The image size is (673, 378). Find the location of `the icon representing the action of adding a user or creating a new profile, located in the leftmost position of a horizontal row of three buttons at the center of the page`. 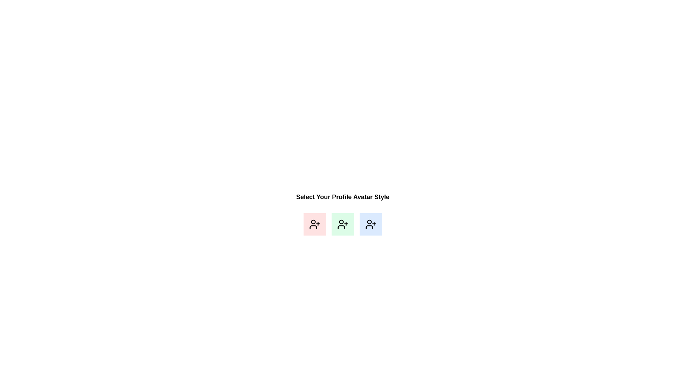

the icon representing the action of adding a user or creating a new profile, located in the leftmost position of a horizontal row of three buttons at the center of the page is located at coordinates (314, 224).